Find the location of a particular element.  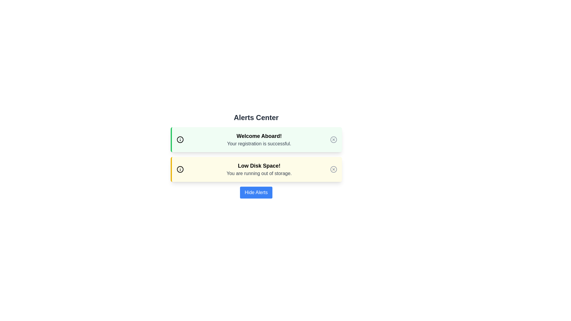

the success message icon located on the left side of the message box that indicates the successful registration, before the text 'Welcome Aboard! \n Your registration is successful.' is located at coordinates (180, 140).